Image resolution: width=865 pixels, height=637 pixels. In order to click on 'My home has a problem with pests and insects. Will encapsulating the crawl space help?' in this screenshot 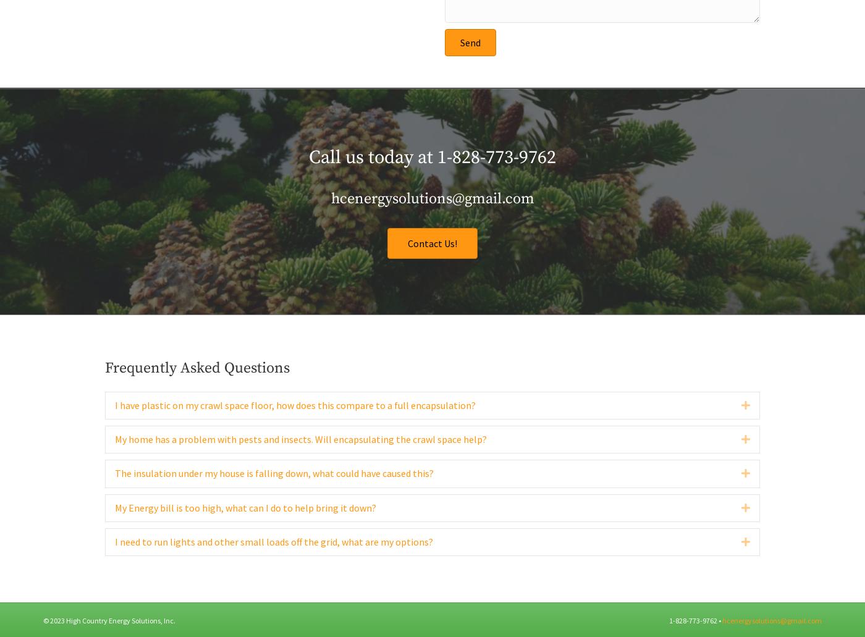, I will do `click(301, 465)`.